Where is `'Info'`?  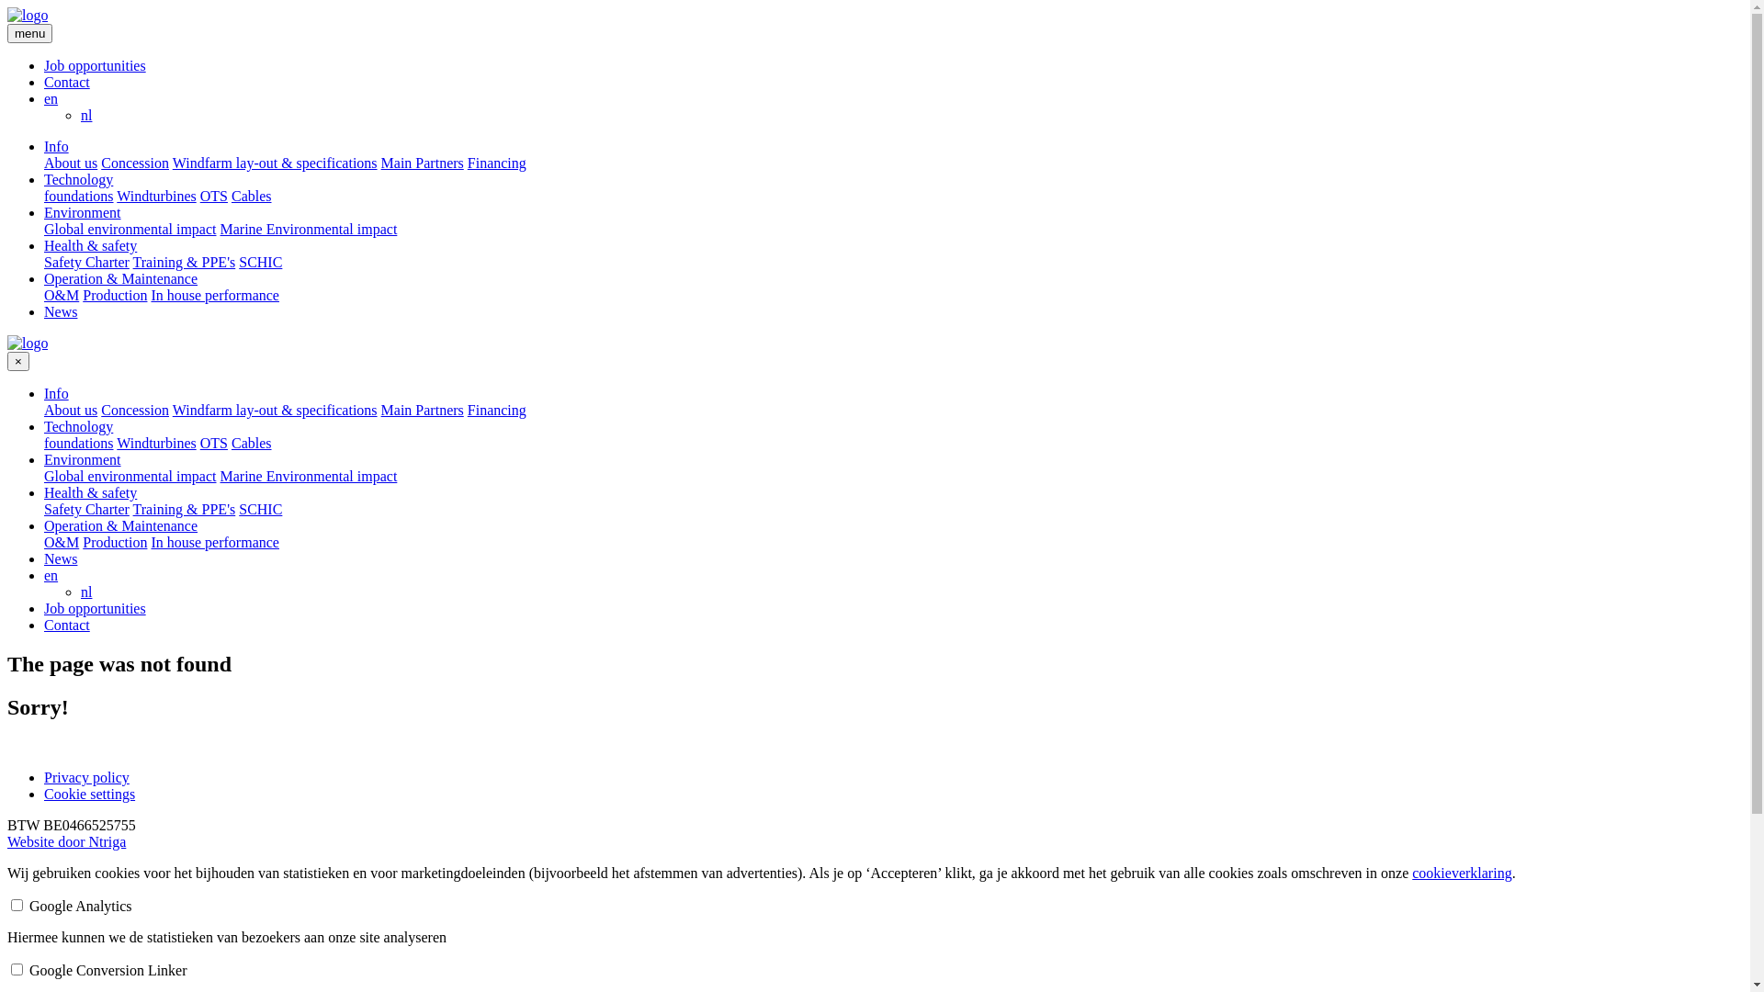 'Info' is located at coordinates (56, 145).